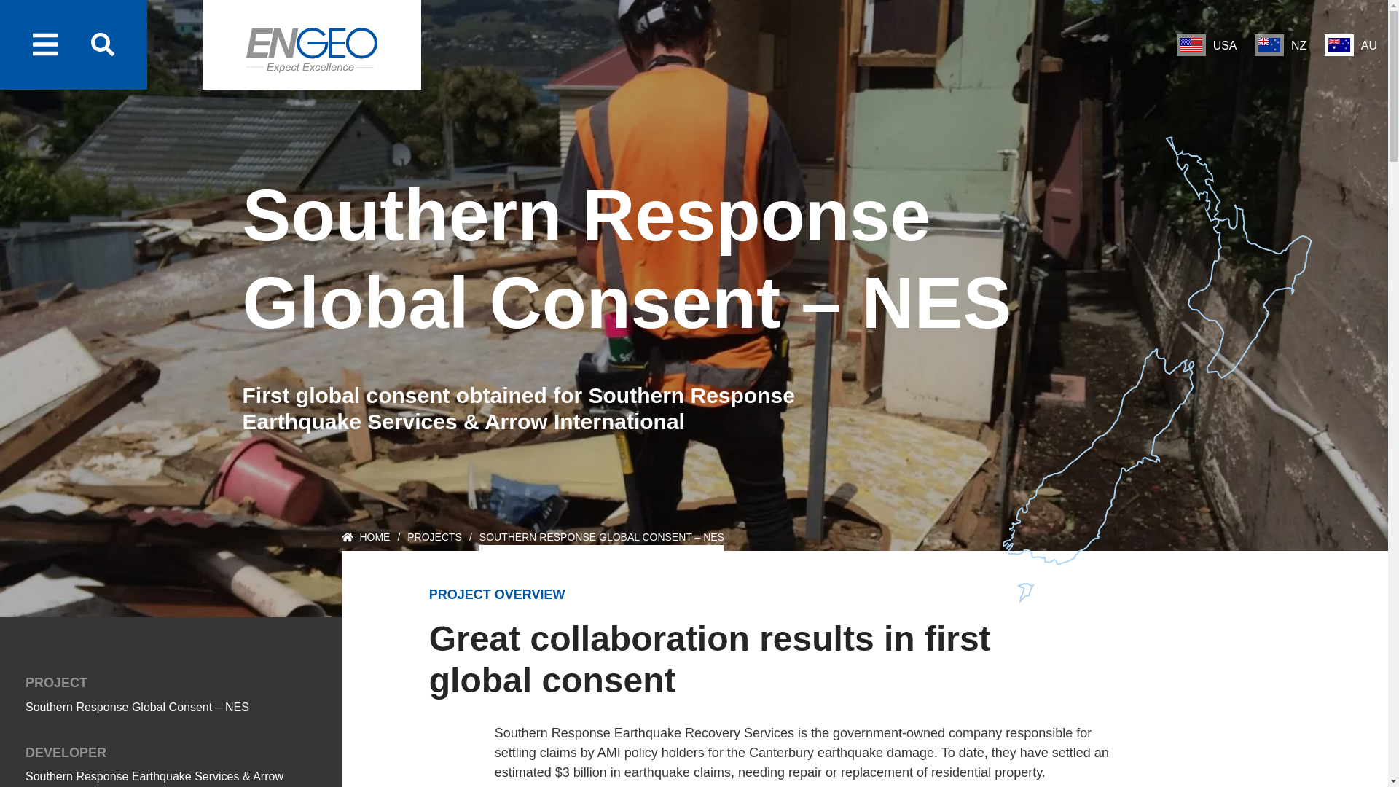 This screenshot has width=1399, height=787. Describe the element at coordinates (434, 540) in the screenshot. I see `'PROJECTS'` at that location.